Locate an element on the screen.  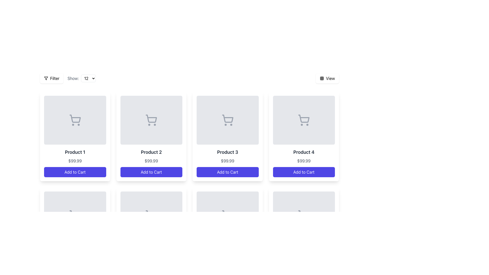
the SVG icon of the shopping cart, which is centrally positioned above the 'Add to Cart' button in the 'Product 4' card is located at coordinates (304, 120).